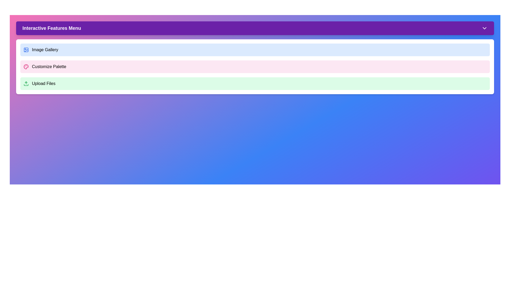 This screenshot has height=285, width=507. Describe the element at coordinates (255, 28) in the screenshot. I see `the header to toggle the visibility of the options menu` at that location.